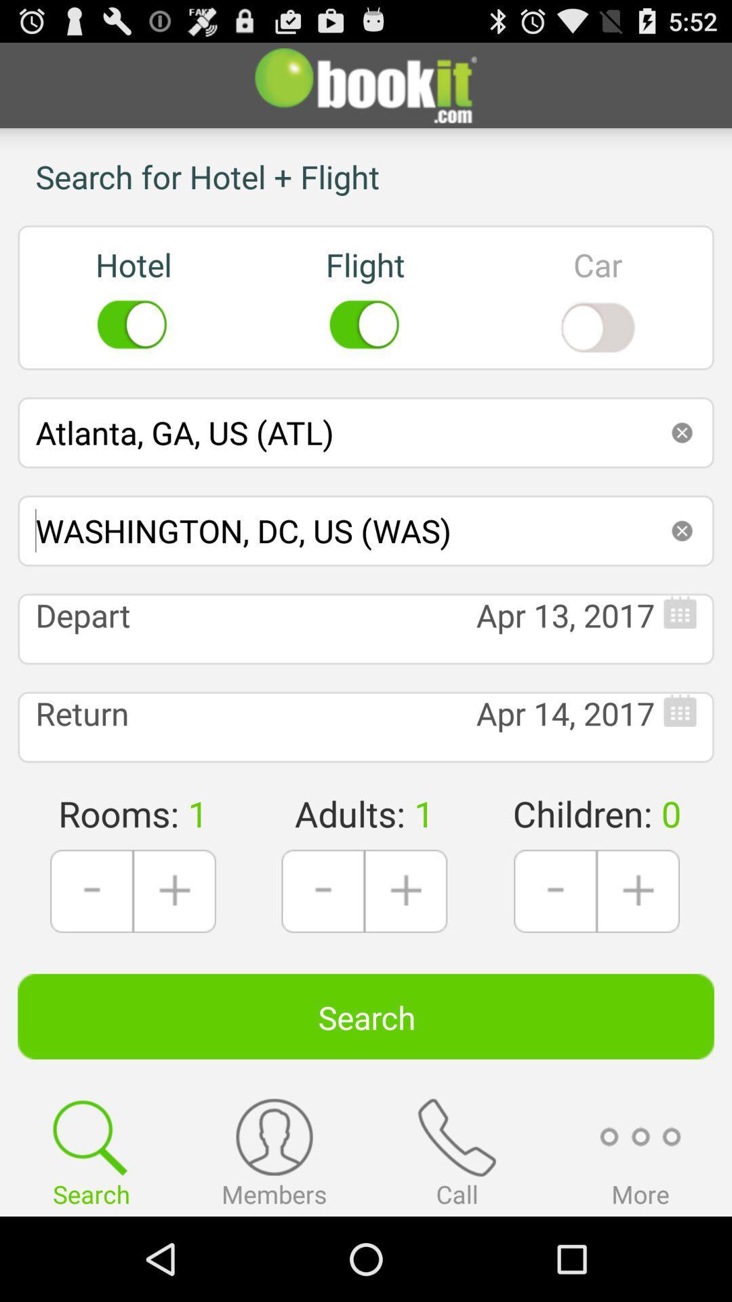 The image size is (732, 1302). I want to click on the close icon, so click(682, 463).